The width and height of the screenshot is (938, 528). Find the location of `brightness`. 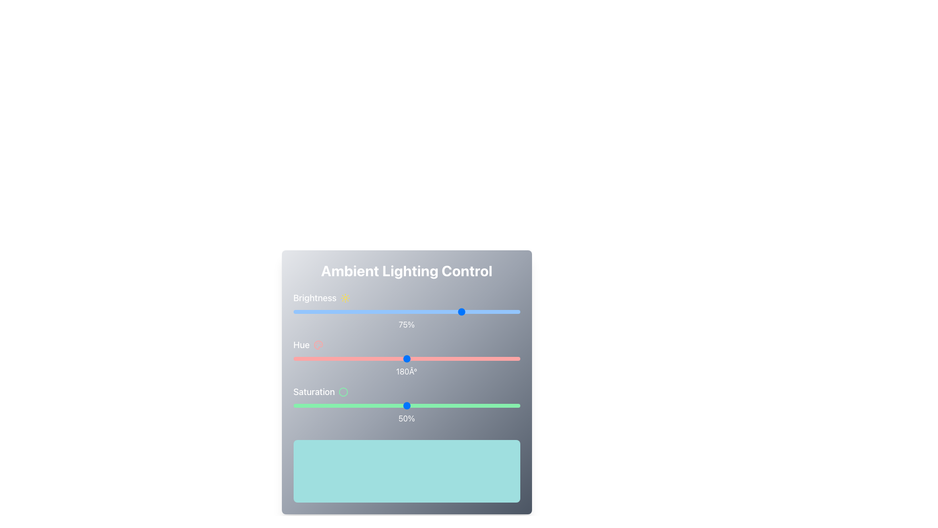

brightness is located at coordinates (488, 311).